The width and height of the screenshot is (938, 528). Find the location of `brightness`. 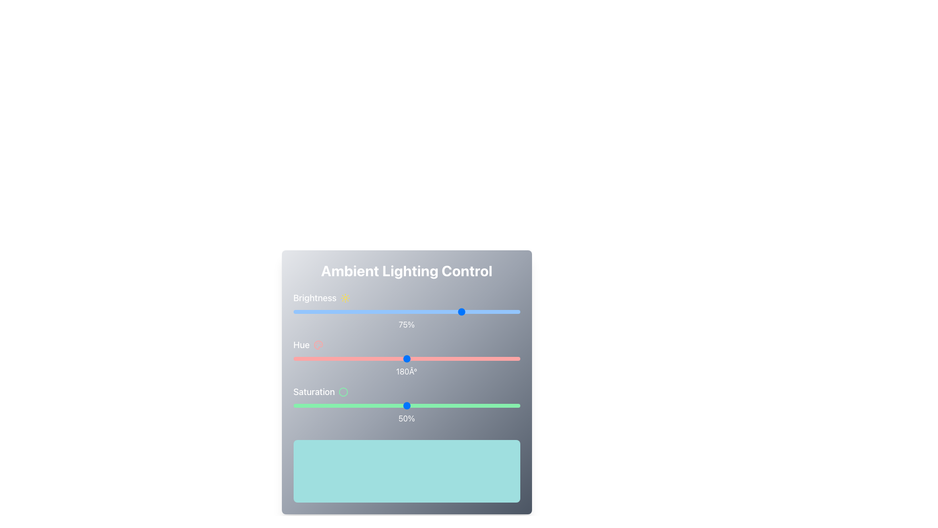

brightness is located at coordinates (488, 311).